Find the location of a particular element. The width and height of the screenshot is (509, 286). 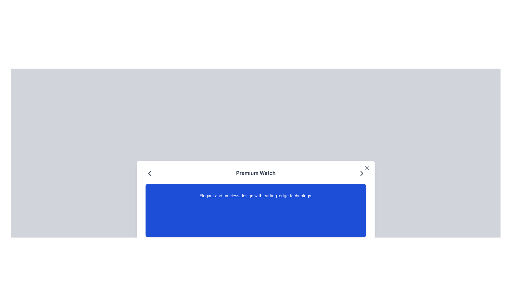

the leftward arrow icon button located to the left of the 'Premium Watch' title in the header is located at coordinates (150, 173).